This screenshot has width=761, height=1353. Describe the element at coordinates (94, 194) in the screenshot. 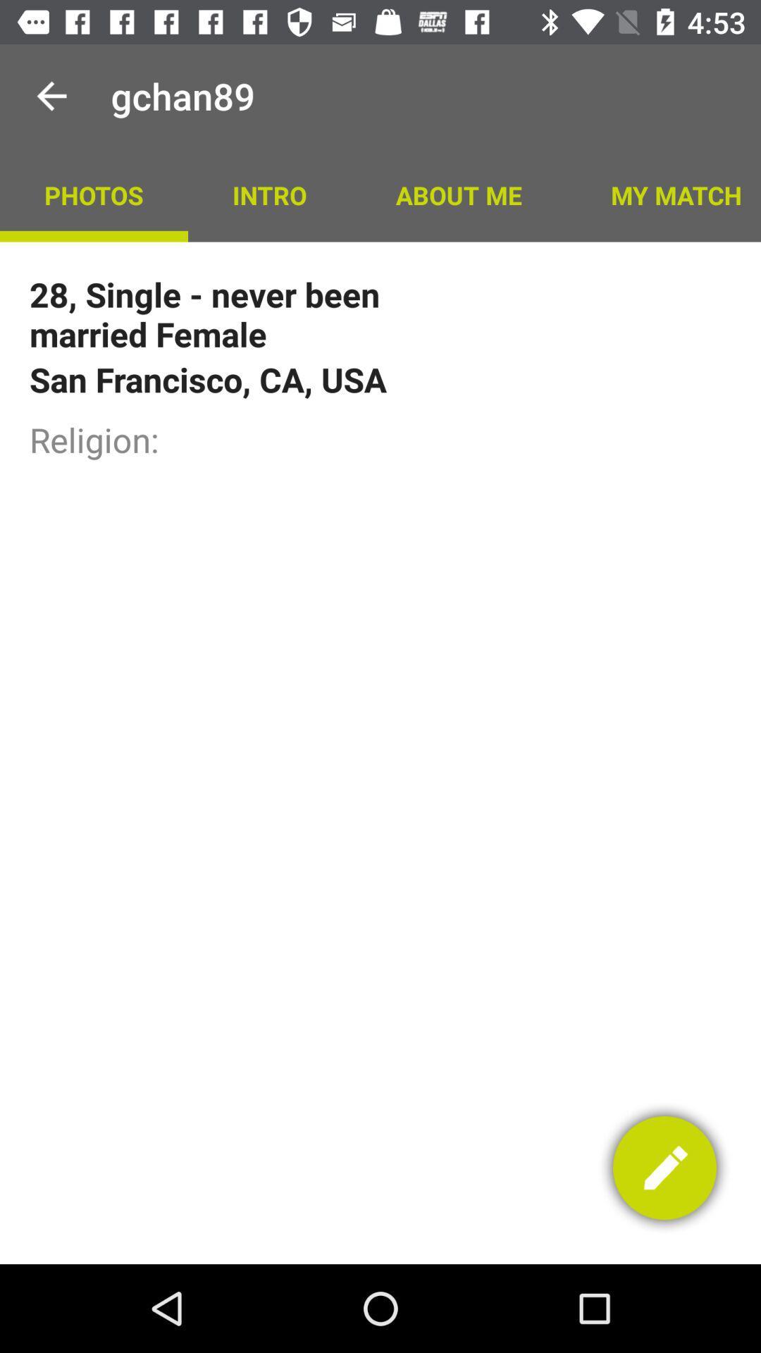

I see `photos icon` at that location.